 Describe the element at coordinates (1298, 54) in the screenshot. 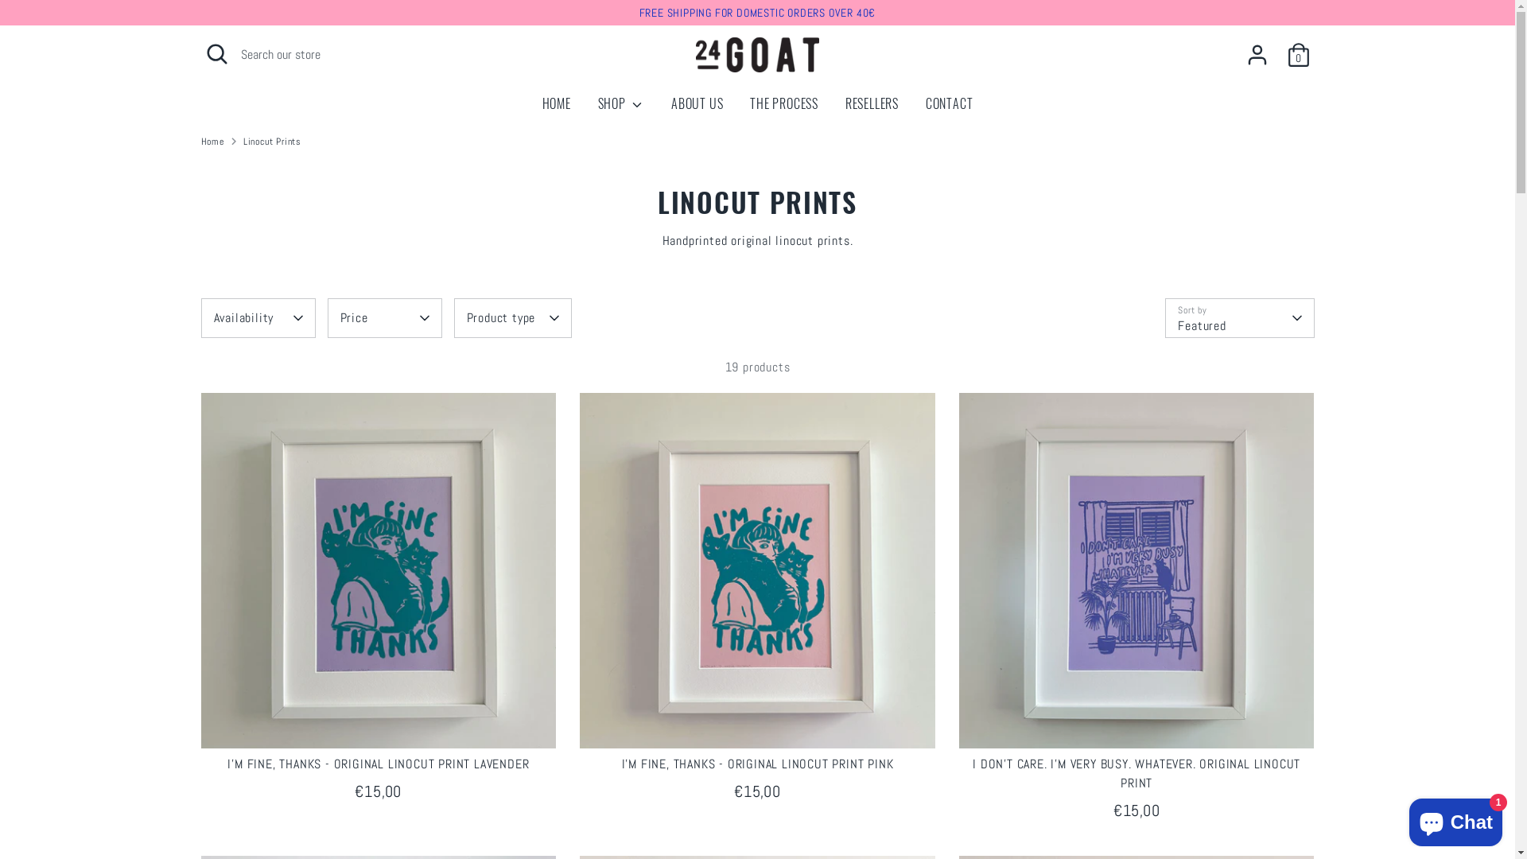

I see `'0'` at that location.